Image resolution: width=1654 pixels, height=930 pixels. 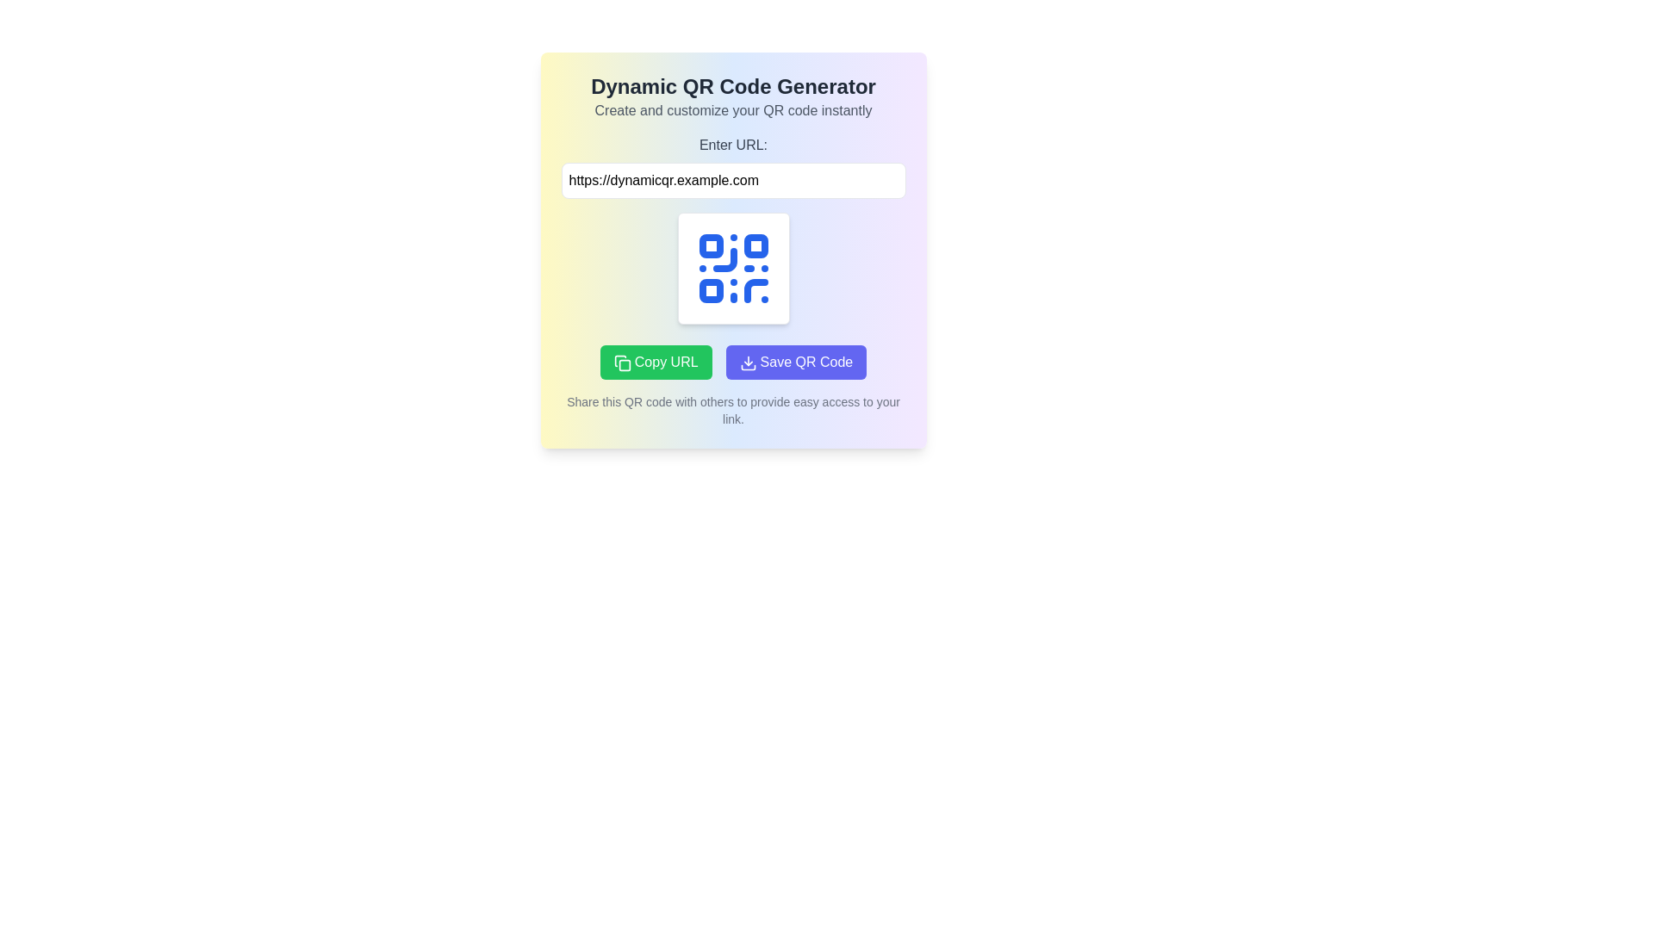 What do you see at coordinates (655, 361) in the screenshot?
I see `the button on the left side of the horizontal layout to copy the URL to the clipboard` at bounding box center [655, 361].